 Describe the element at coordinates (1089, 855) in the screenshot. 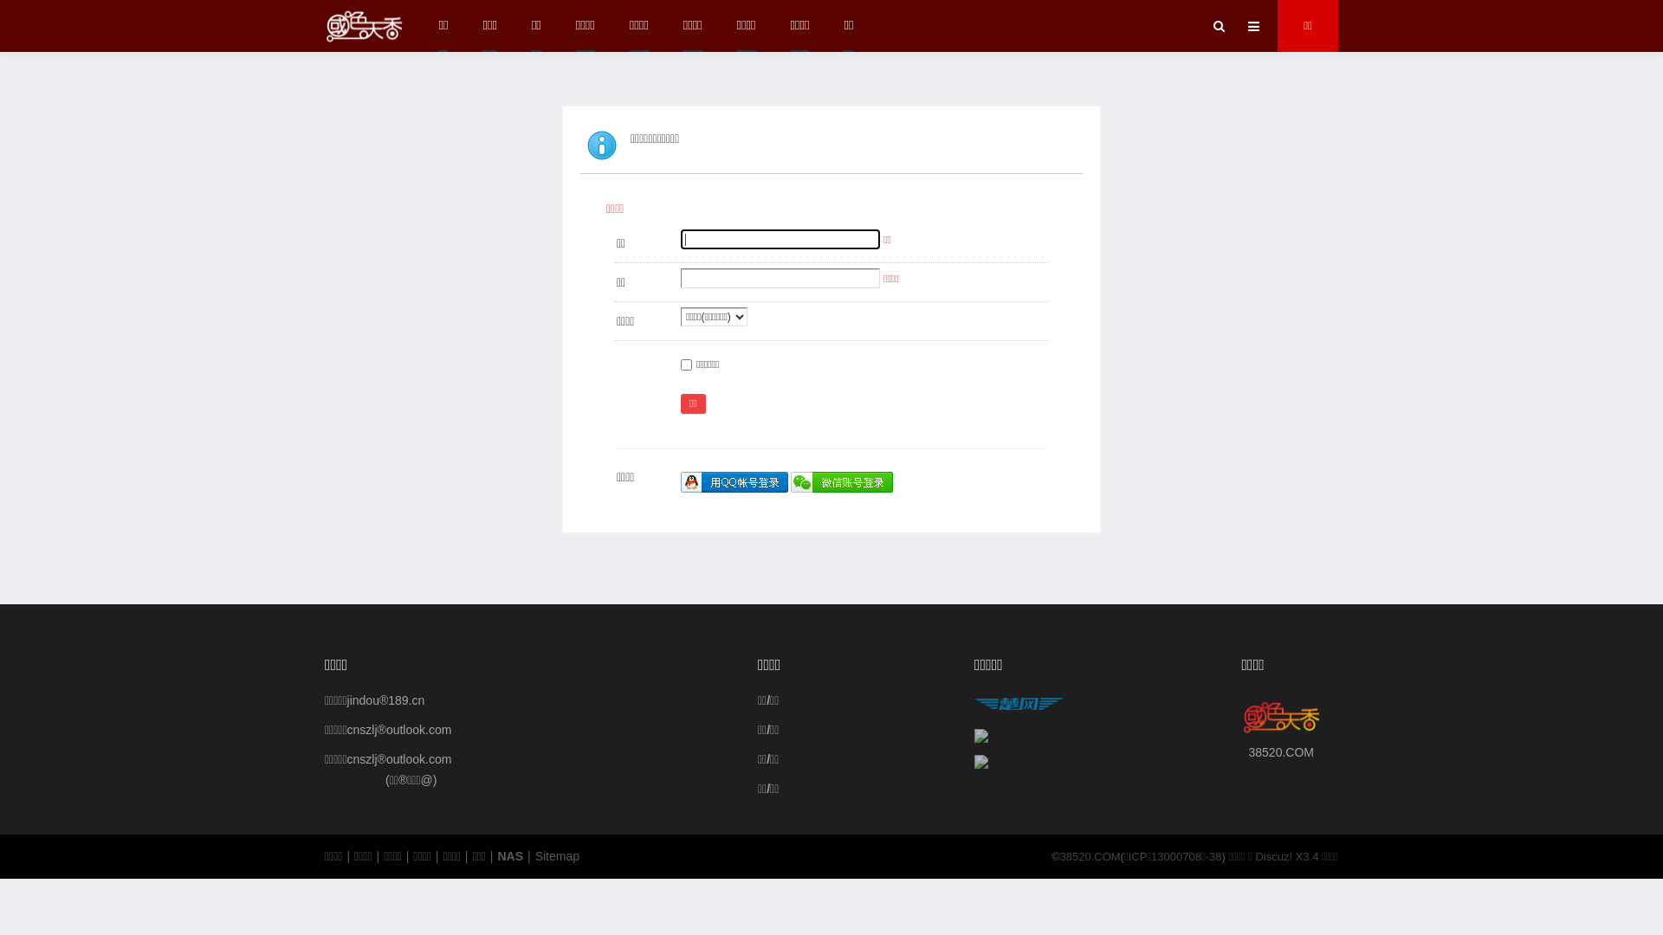

I see `'38520.COM'` at that location.